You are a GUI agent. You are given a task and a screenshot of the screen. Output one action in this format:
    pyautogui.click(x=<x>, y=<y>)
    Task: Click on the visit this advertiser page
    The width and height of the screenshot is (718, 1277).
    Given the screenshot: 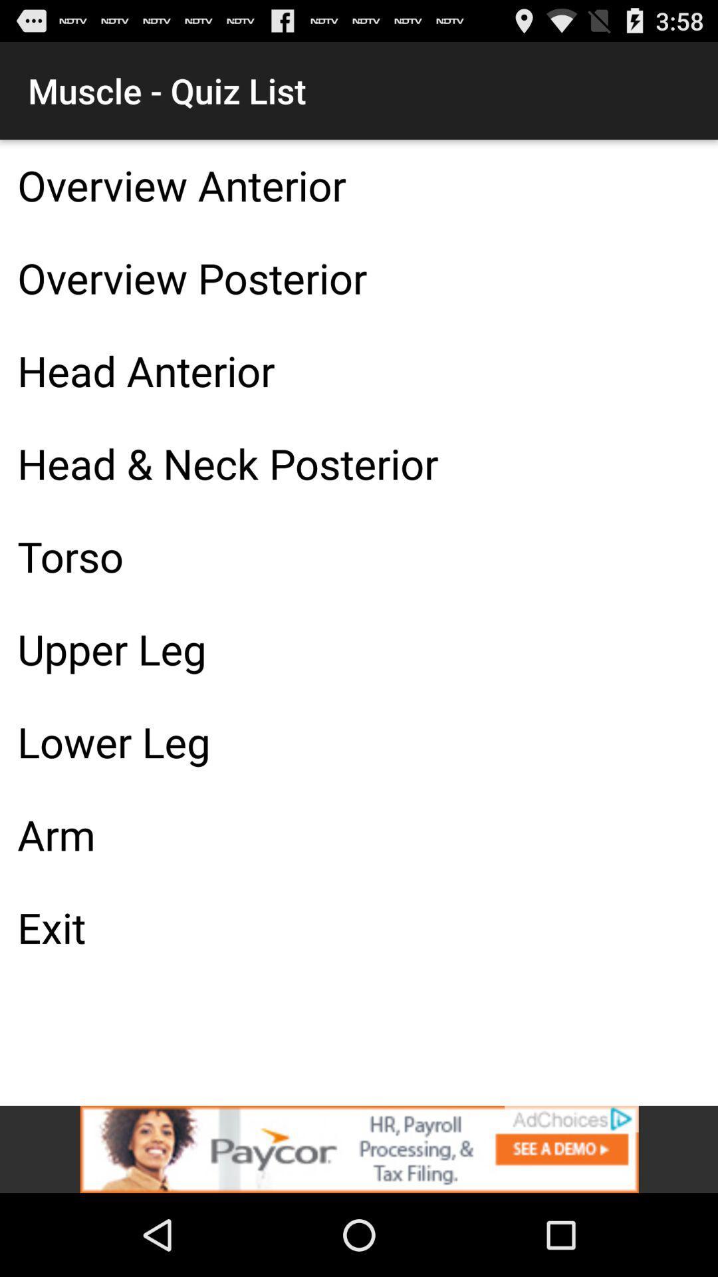 What is the action you would take?
    pyautogui.click(x=359, y=1149)
    